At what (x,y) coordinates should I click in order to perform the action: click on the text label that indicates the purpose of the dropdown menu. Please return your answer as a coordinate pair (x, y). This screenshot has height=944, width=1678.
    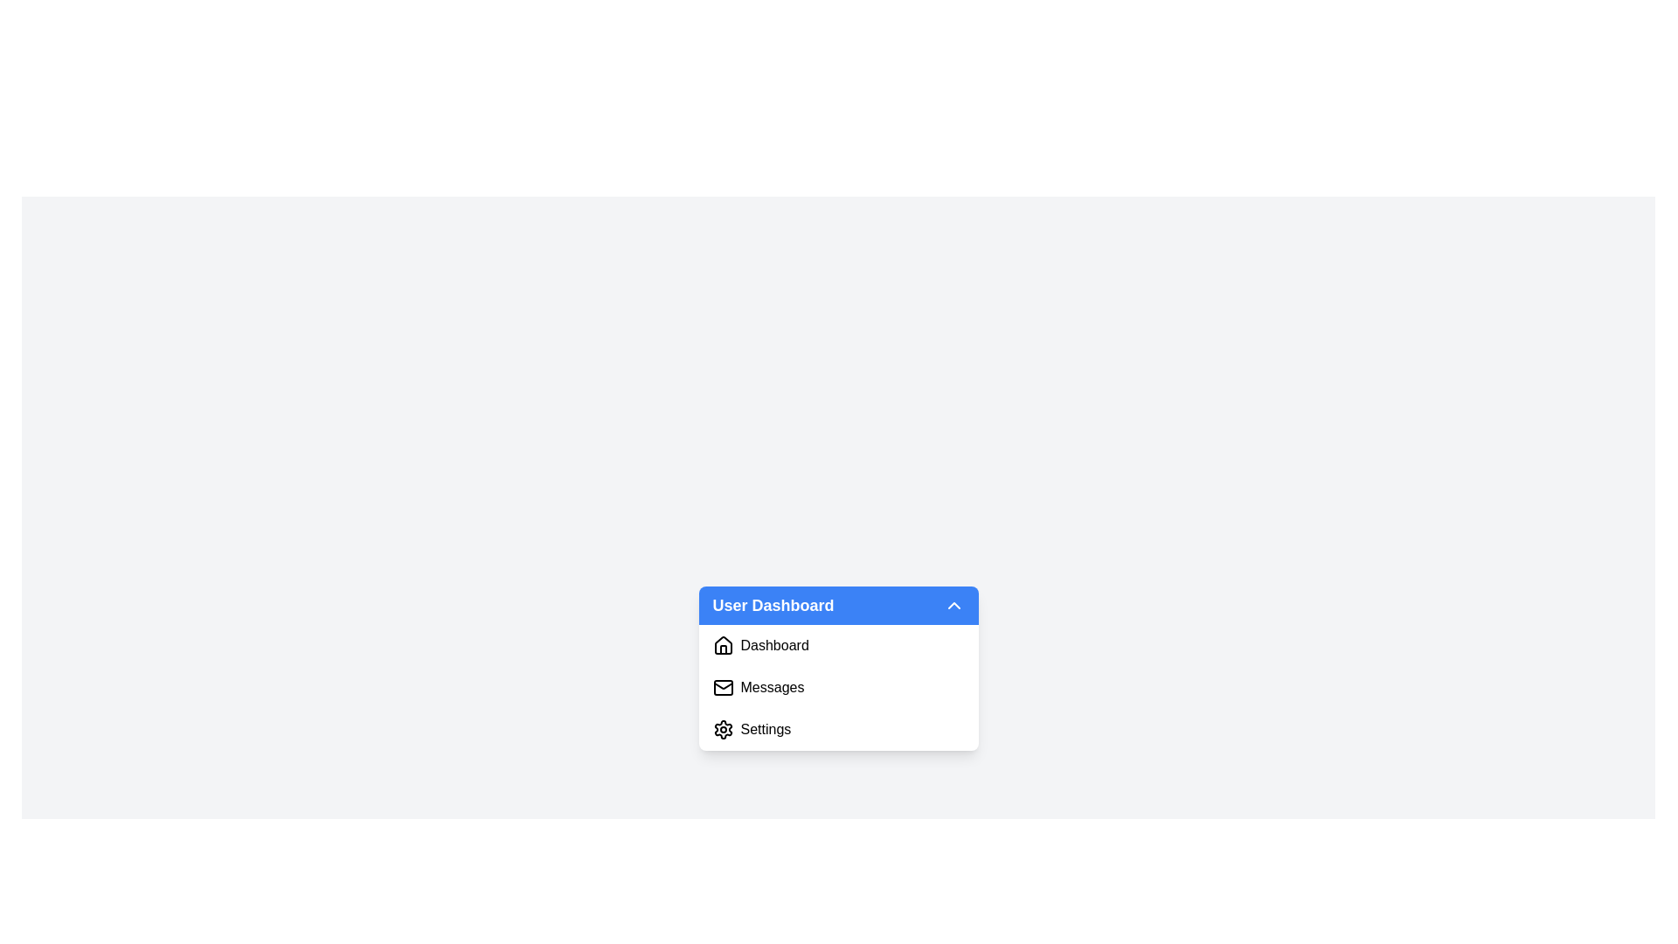
    Looking at the image, I should click on (772, 605).